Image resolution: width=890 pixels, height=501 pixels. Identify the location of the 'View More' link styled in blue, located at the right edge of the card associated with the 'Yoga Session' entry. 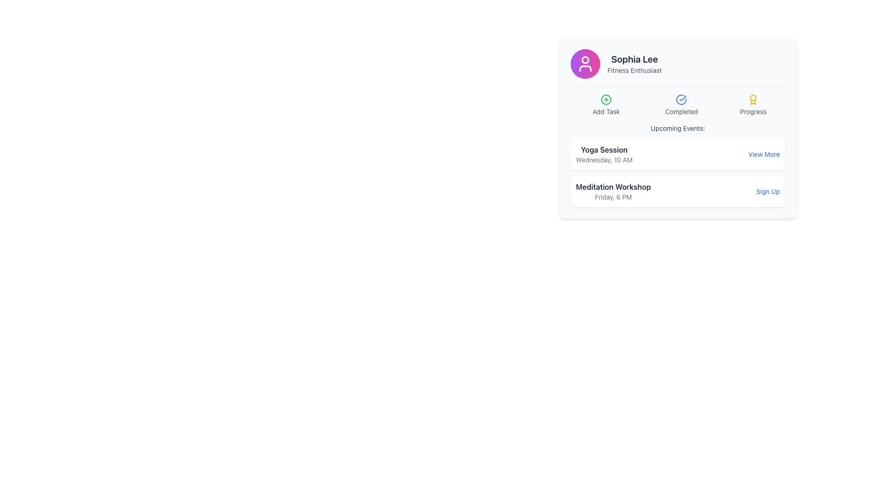
(764, 154).